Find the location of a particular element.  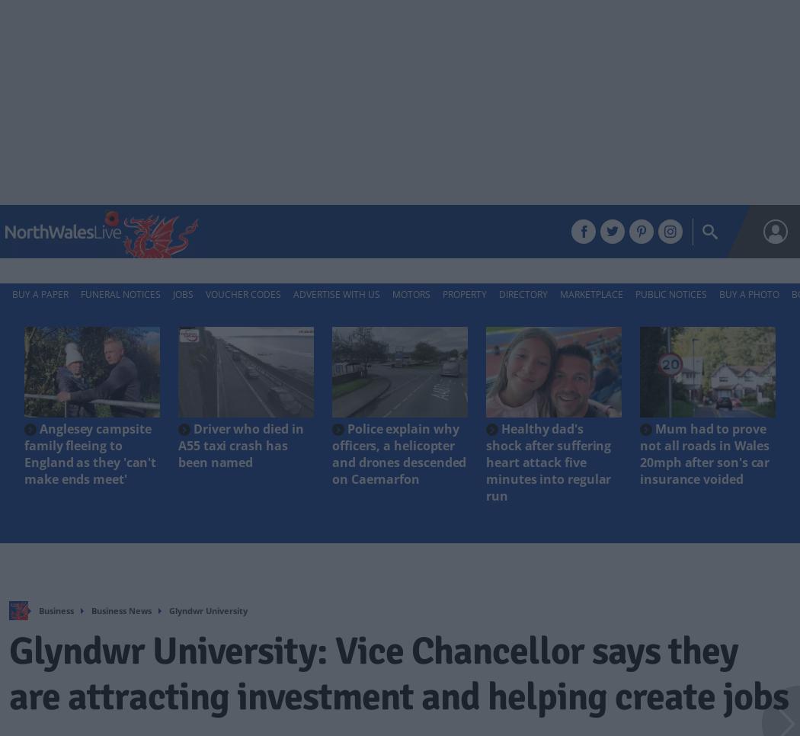

'Buy a photo' is located at coordinates (749, 294).